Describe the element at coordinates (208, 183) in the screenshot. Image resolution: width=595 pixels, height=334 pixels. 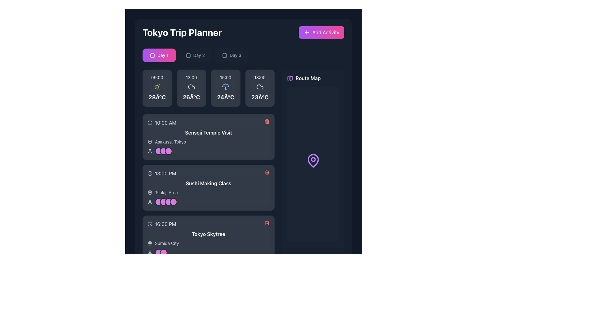
I see `text of the label displaying 'Sushi Making Class', which is bold and white, located within the activity card for '13:00 PM'` at that location.